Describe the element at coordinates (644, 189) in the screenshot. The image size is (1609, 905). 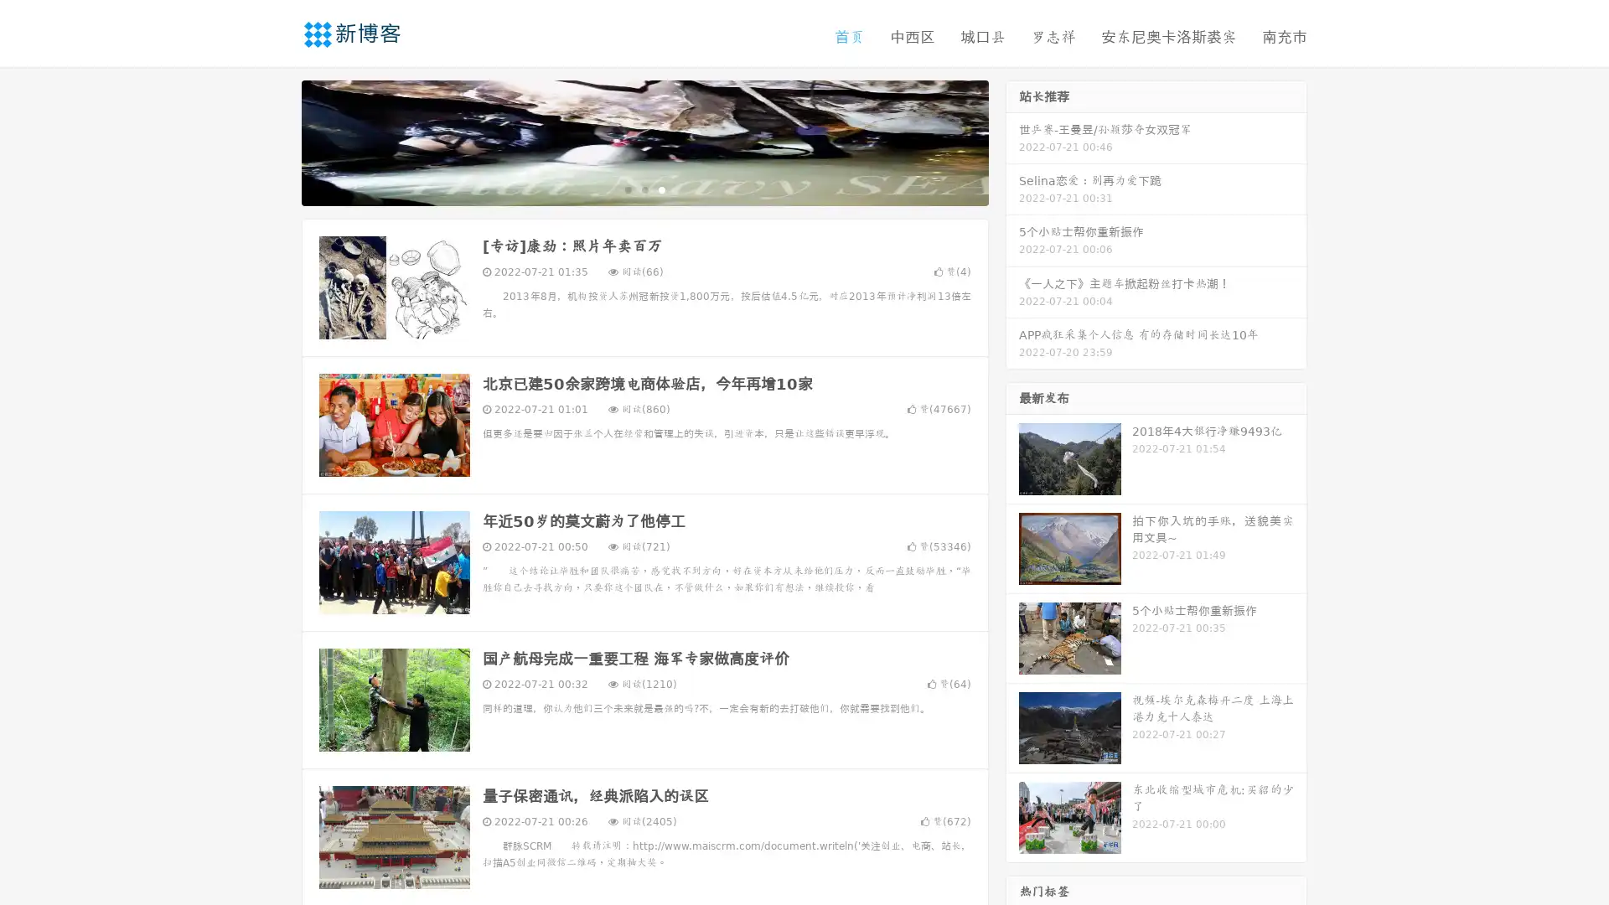
I see `Go to slide 2` at that location.